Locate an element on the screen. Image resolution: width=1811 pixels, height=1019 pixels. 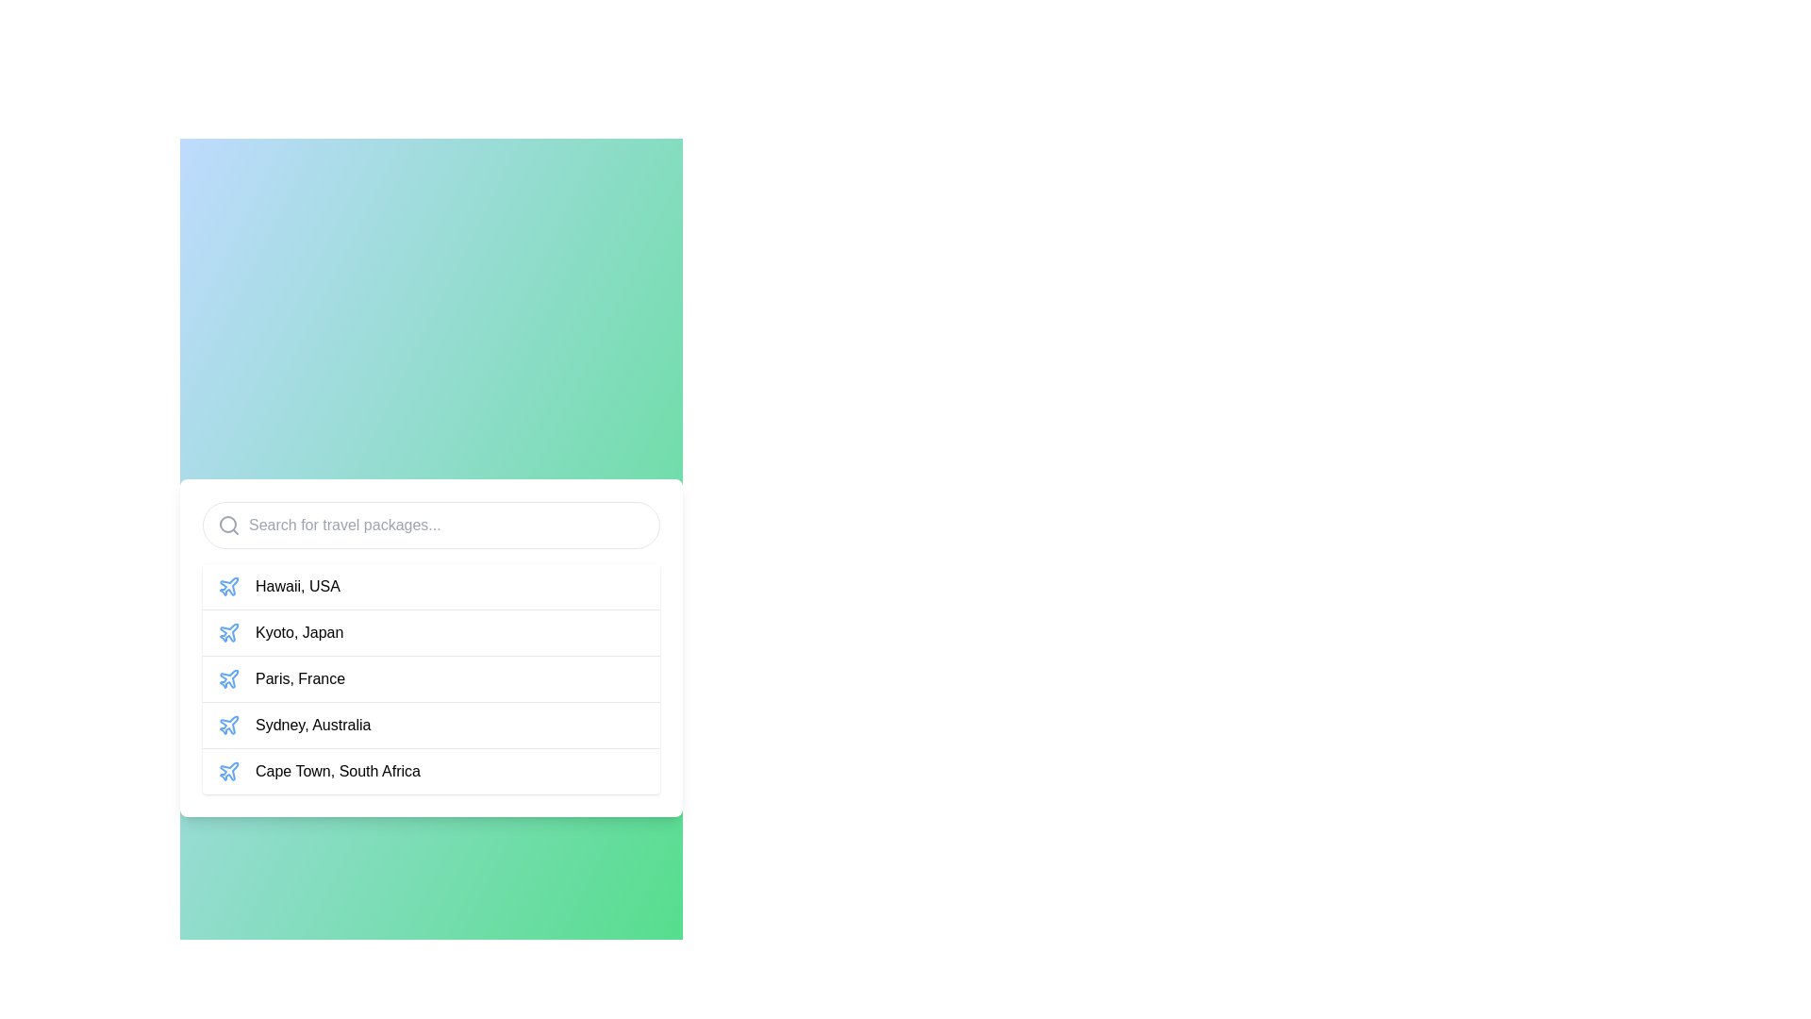
the label representing the destination 'Kyoto, Japan' is located at coordinates (298, 633).